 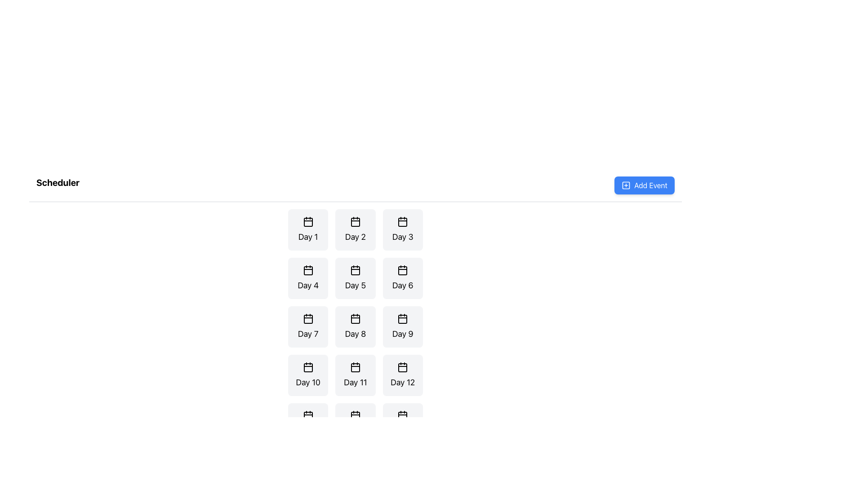 I want to click on the red-filled square with slightly rounded corners that is part of the 'Day 3' button in the icon resembling a stylized calendar, so click(x=402, y=222).